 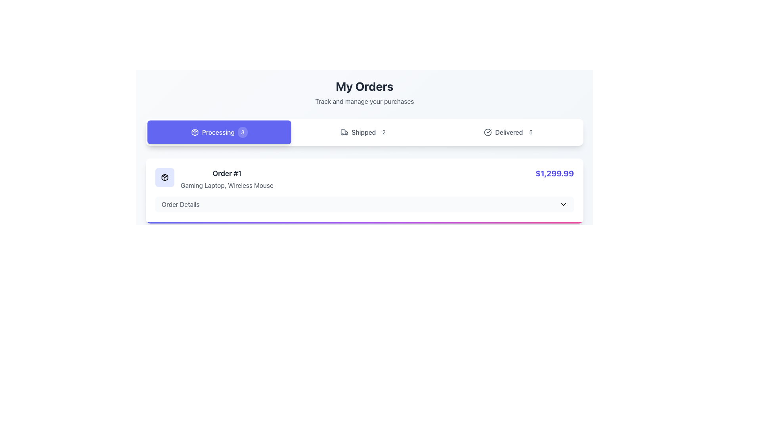 What do you see at coordinates (563, 204) in the screenshot?
I see `the Dropdown Toggle Icon, which is a downward-facing chevron arrow located within the 'Order Details' section, to receive visual feedback` at bounding box center [563, 204].